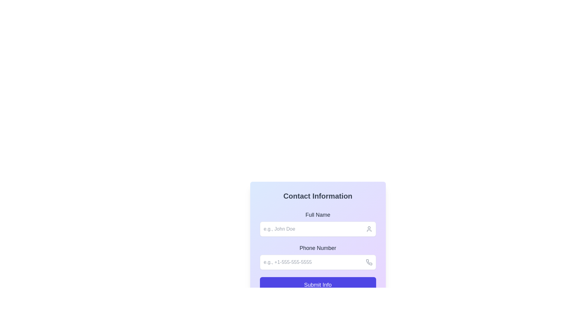 This screenshot has height=326, width=581. What do you see at coordinates (317, 257) in the screenshot?
I see `to focus the phone number input field, which is the second input field in the form located below the 'Full Name' input section` at bounding box center [317, 257].